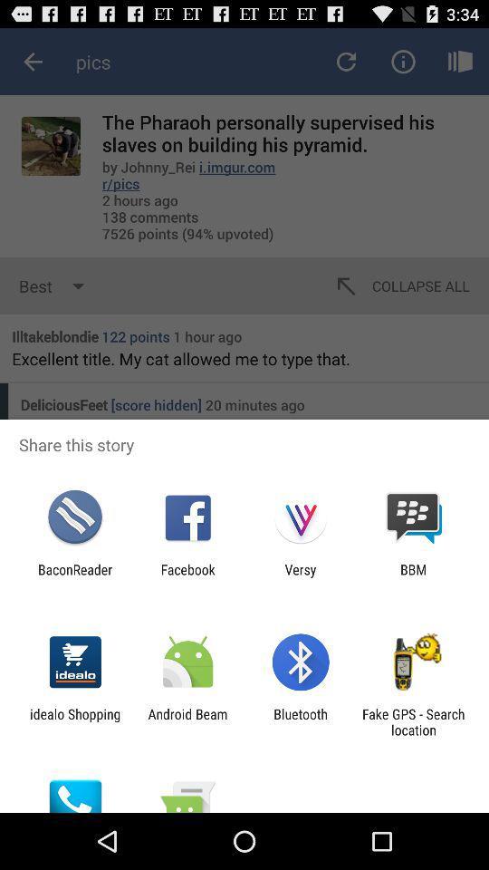  Describe the element at coordinates (74, 721) in the screenshot. I see `the item next to android beam icon` at that location.